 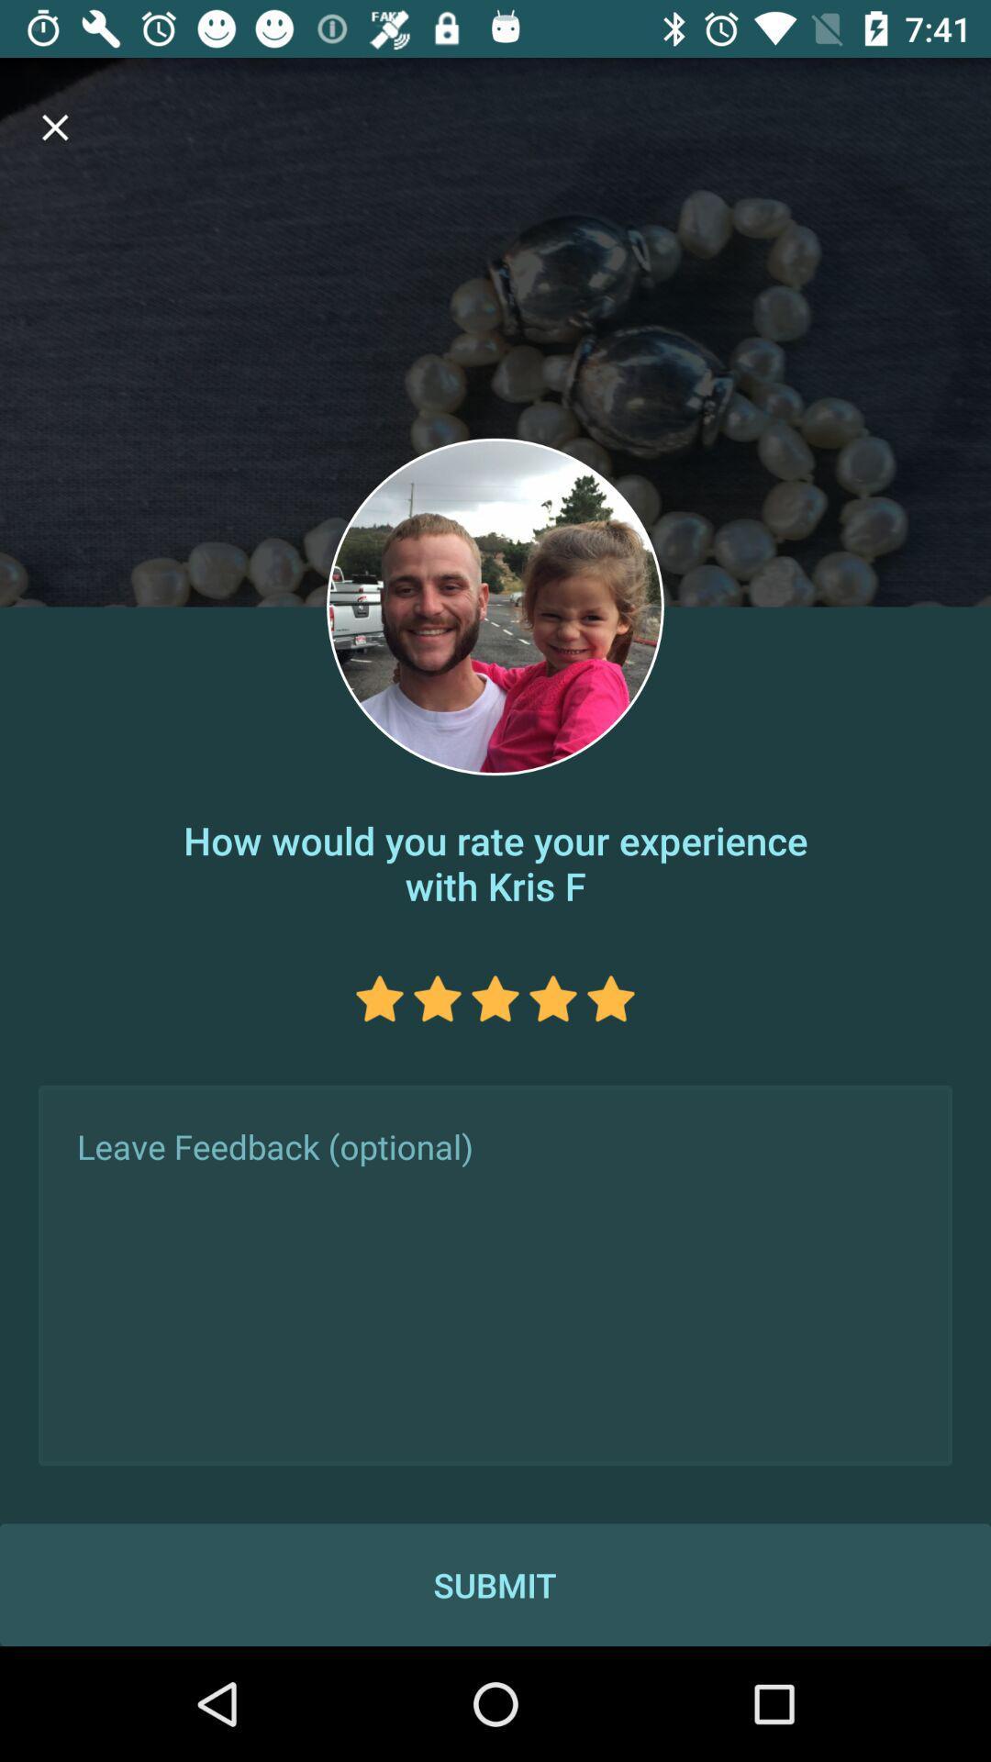 I want to click on five star, so click(x=611, y=998).